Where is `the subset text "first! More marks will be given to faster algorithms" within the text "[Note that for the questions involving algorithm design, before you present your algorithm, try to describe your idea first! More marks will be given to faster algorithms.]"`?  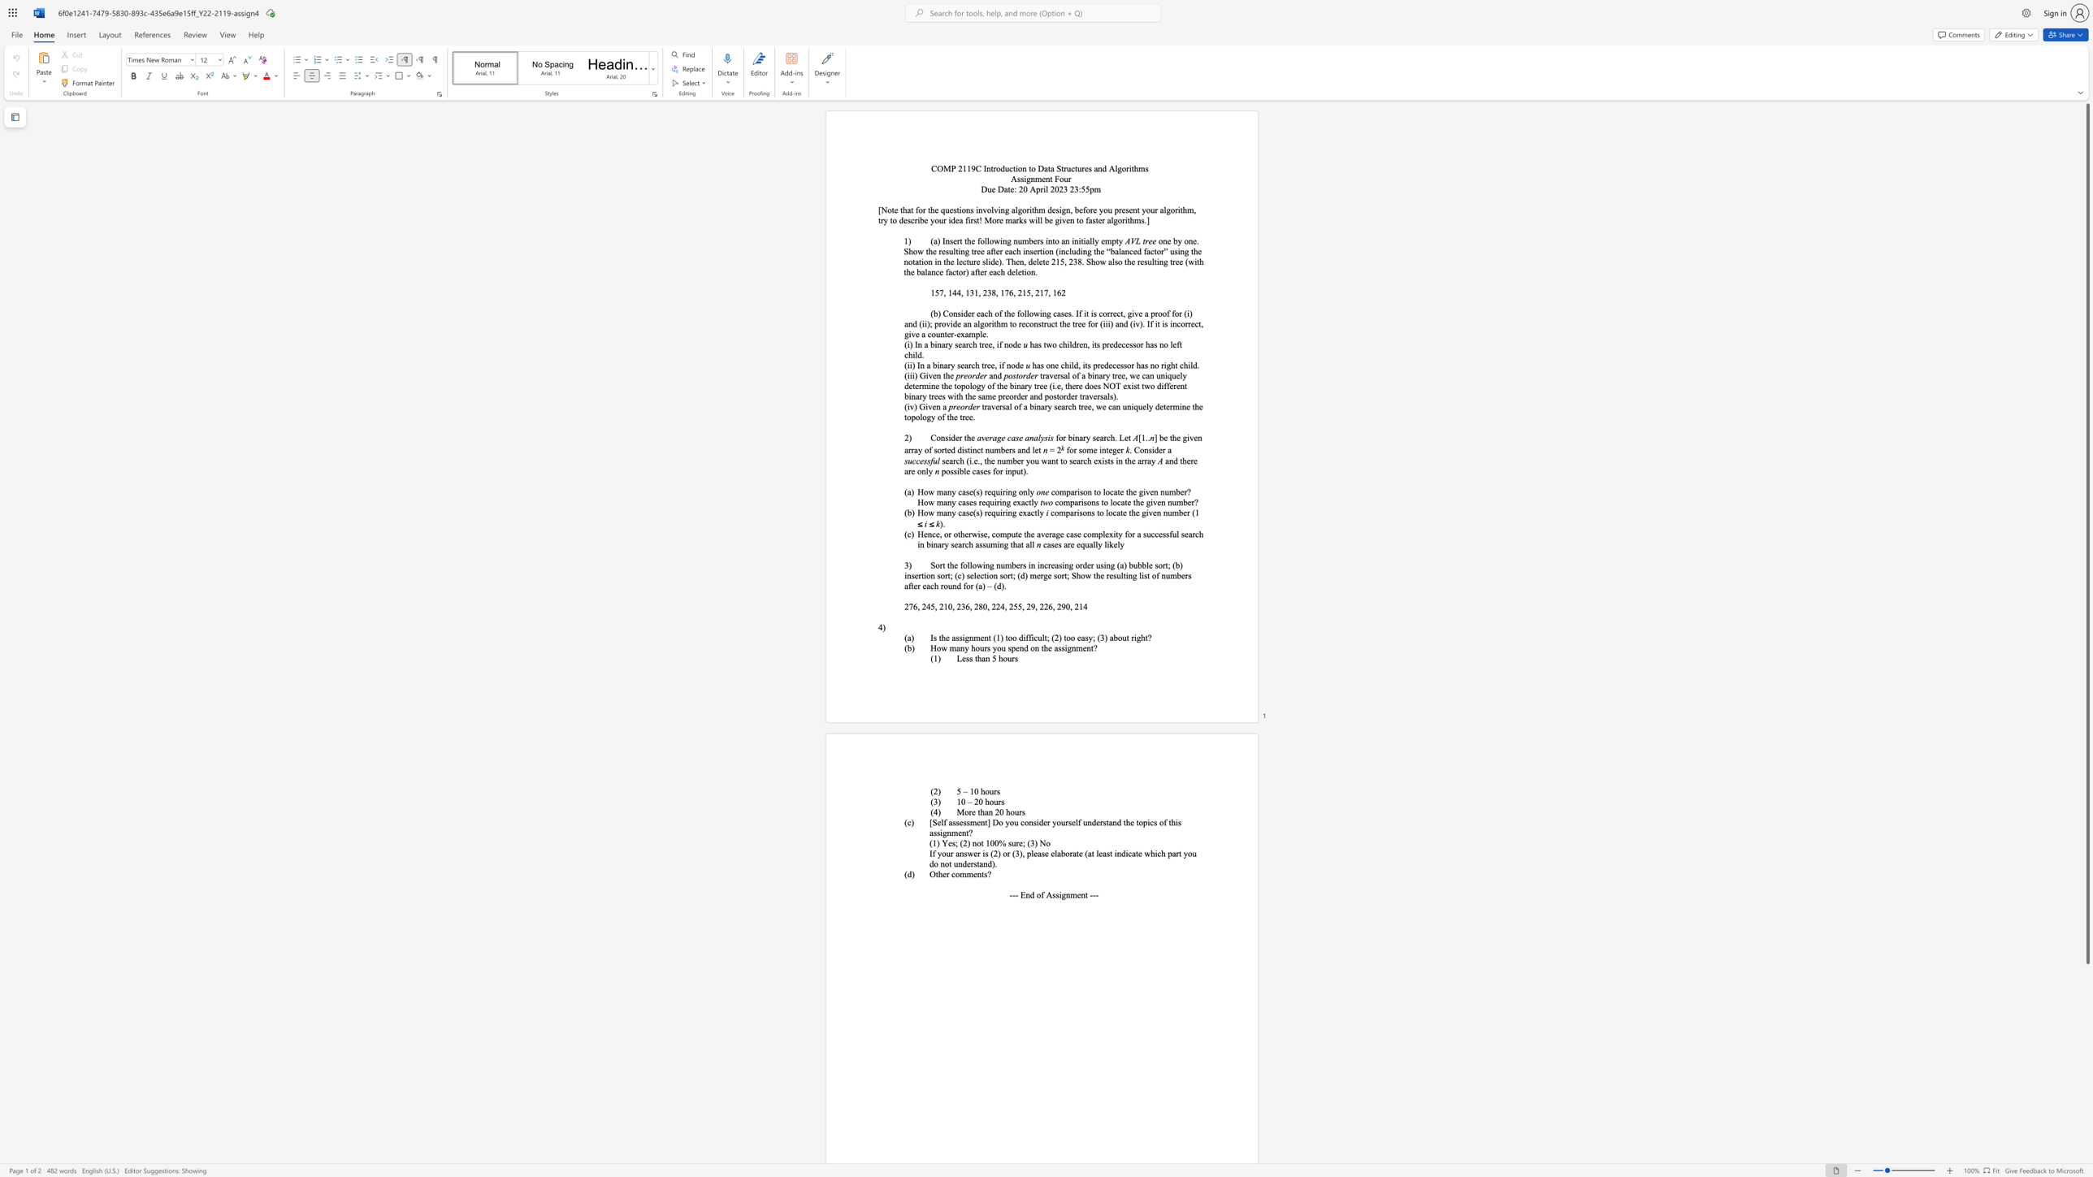
the subset text "first! More marks will be given to faster algorithms" within the text "[Note that for the questions involving algorithm design, before you present your algorithm, try to describe your idea first! More marks will be given to faster algorithms.]" is located at coordinates (965, 220).